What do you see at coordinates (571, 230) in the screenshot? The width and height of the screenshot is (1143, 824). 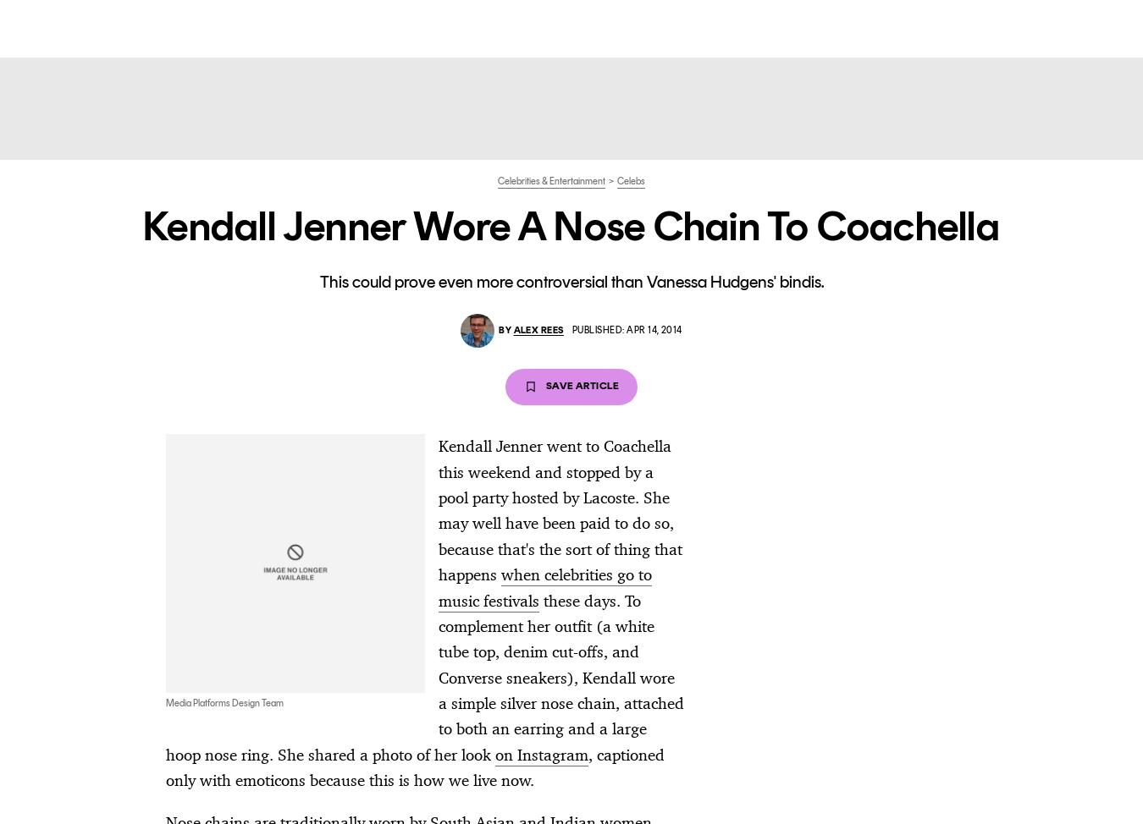 I see `'Kim on Why North Prefers Living With Kanye West'` at bounding box center [571, 230].